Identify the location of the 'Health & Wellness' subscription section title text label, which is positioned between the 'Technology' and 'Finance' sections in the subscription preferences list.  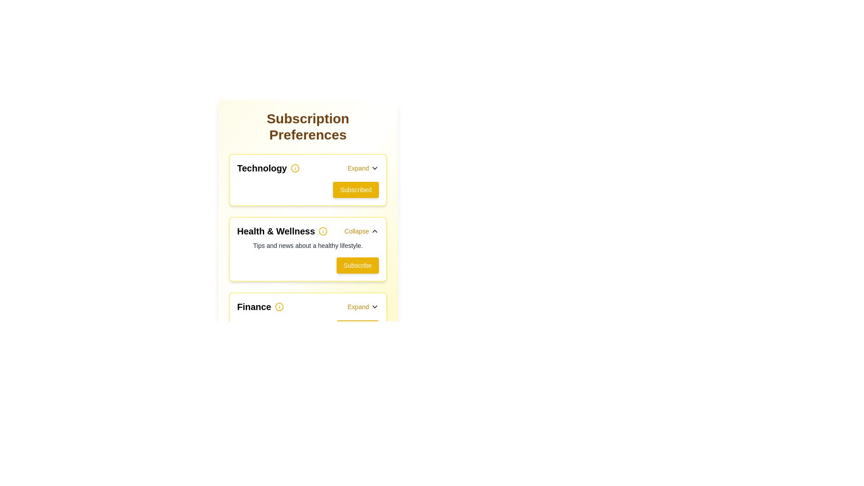
(282, 230).